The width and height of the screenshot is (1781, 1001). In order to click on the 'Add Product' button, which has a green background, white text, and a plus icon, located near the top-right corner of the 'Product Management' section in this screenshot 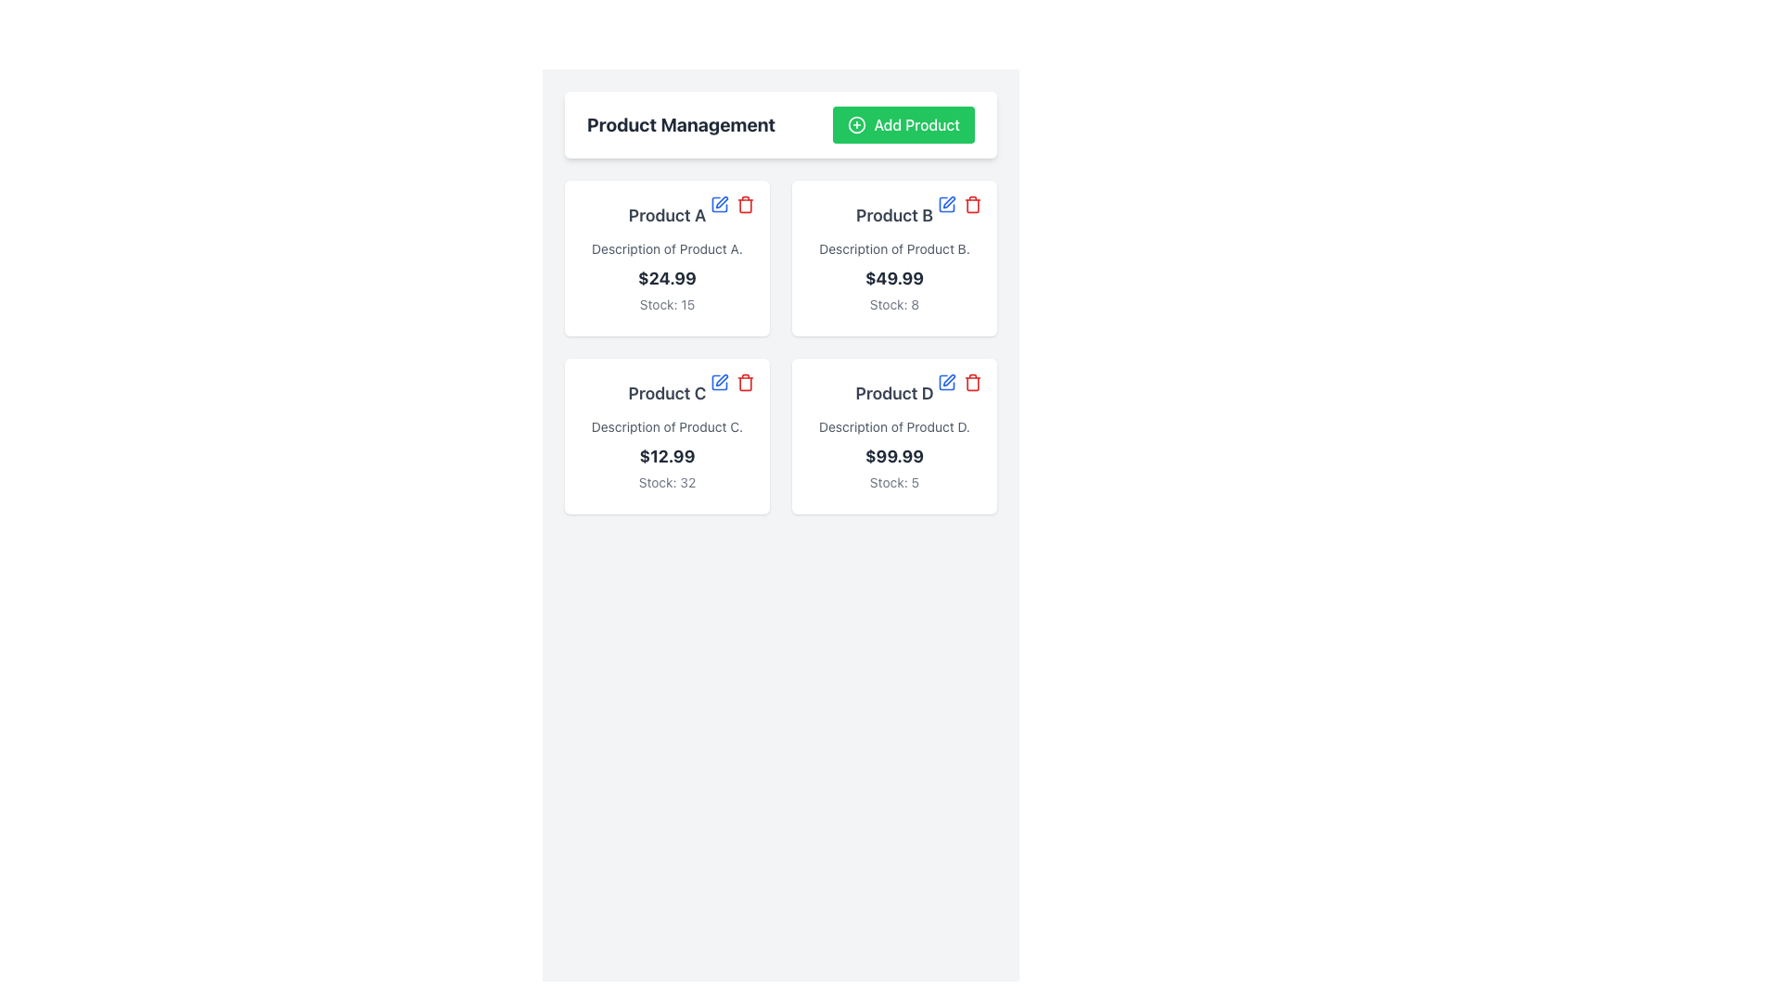, I will do `click(903, 125)`.